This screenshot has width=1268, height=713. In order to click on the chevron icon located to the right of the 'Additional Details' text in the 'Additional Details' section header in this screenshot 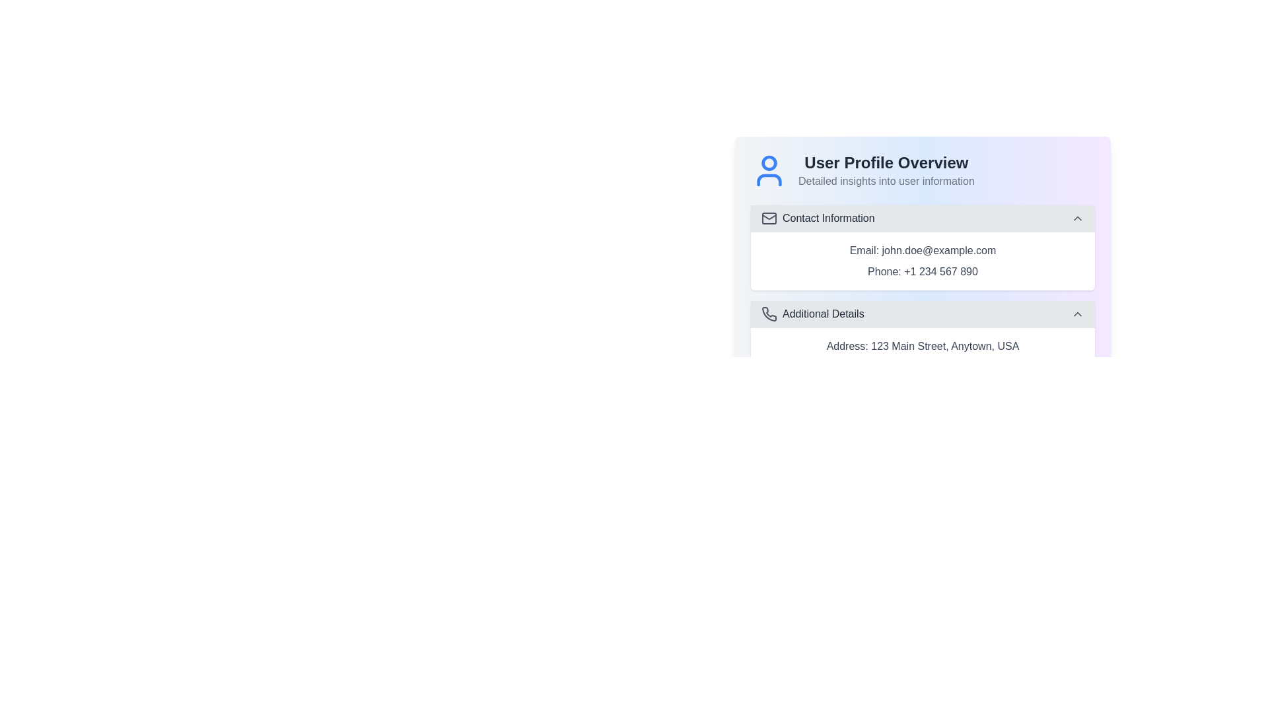, I will do `click(1078, 314)`.